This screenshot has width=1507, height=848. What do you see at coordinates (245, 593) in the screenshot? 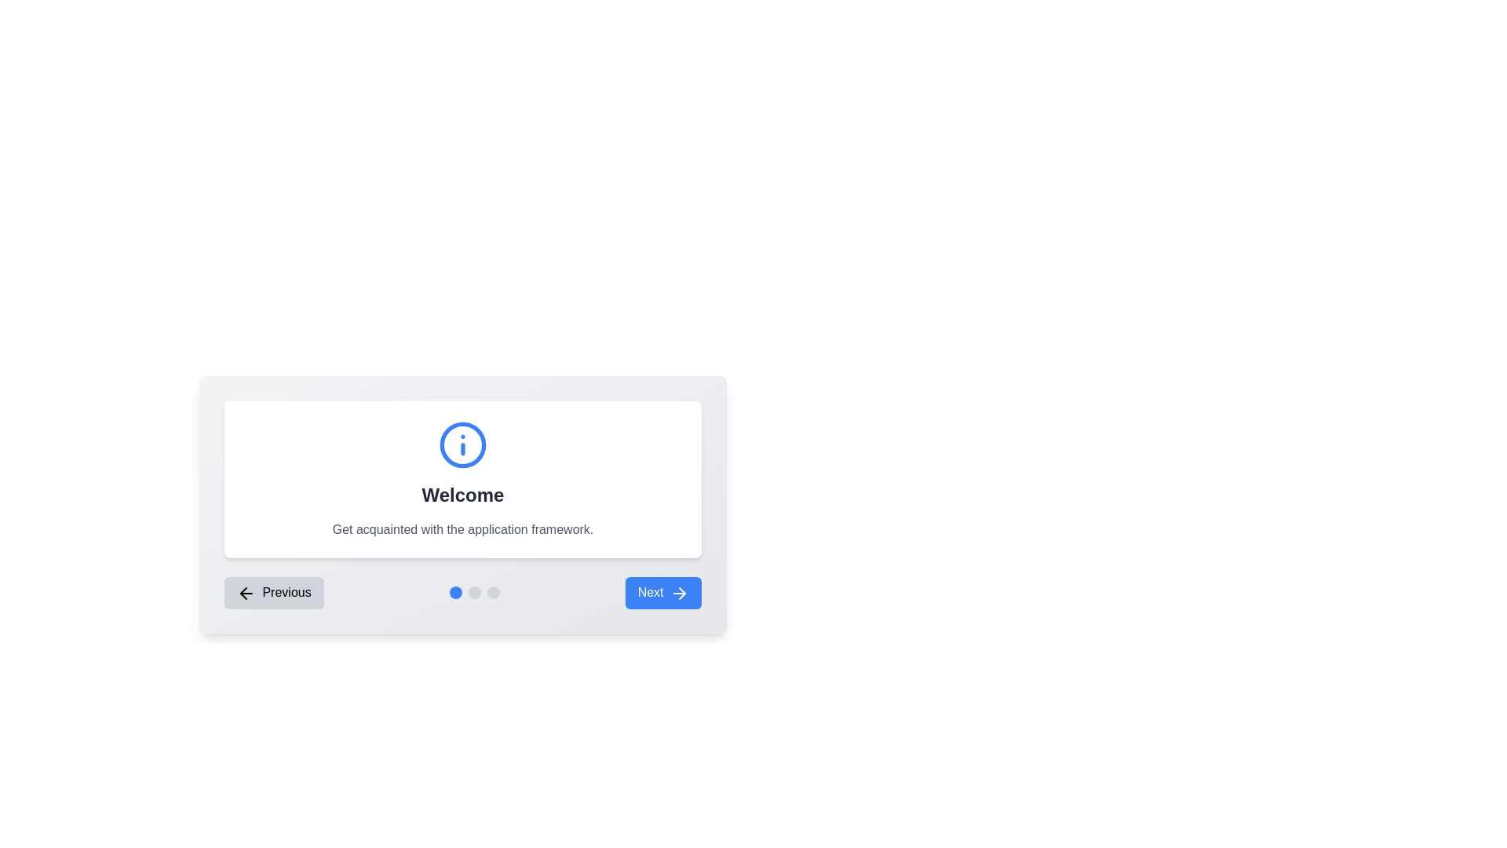
I see `the navigation icon located within the 'Previous' button at the bottom-left corner of the dialog box` at bounding box center [245, 593].